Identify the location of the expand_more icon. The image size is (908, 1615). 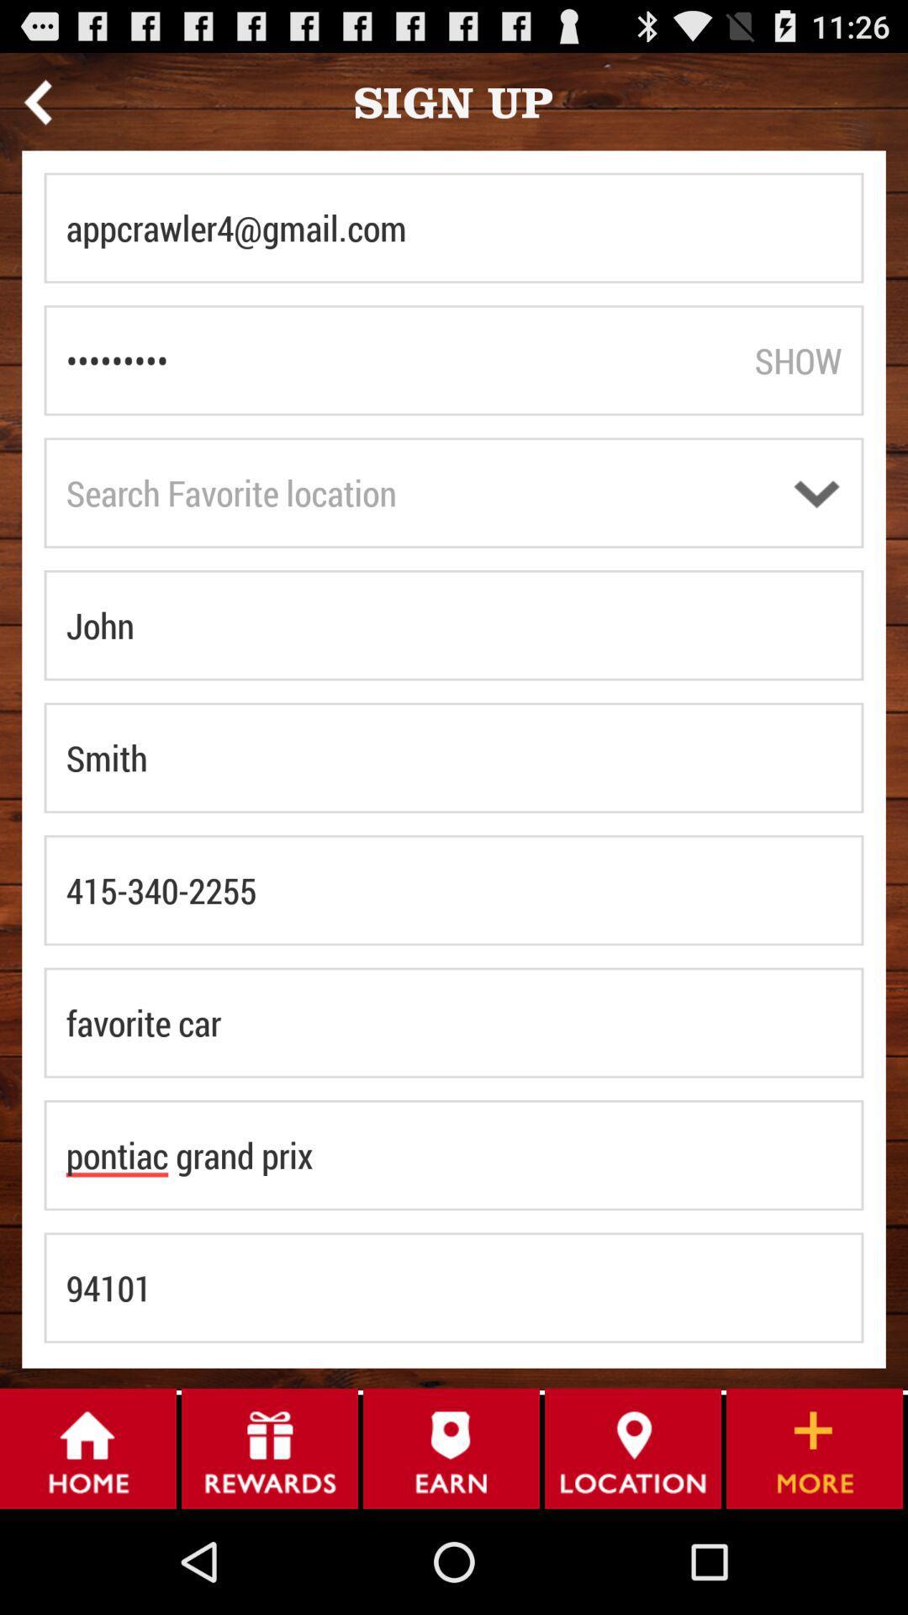
(815, 527).